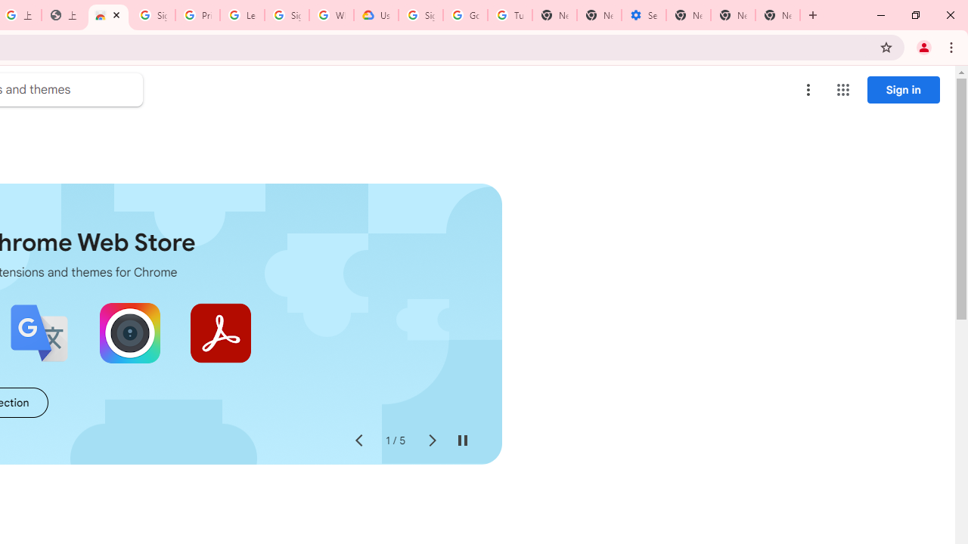 Image resolution: width=968 pixels, height=544 pixels. I want to click on 'Awesome Screen Recorder & Screenshot', so click(129, 332).